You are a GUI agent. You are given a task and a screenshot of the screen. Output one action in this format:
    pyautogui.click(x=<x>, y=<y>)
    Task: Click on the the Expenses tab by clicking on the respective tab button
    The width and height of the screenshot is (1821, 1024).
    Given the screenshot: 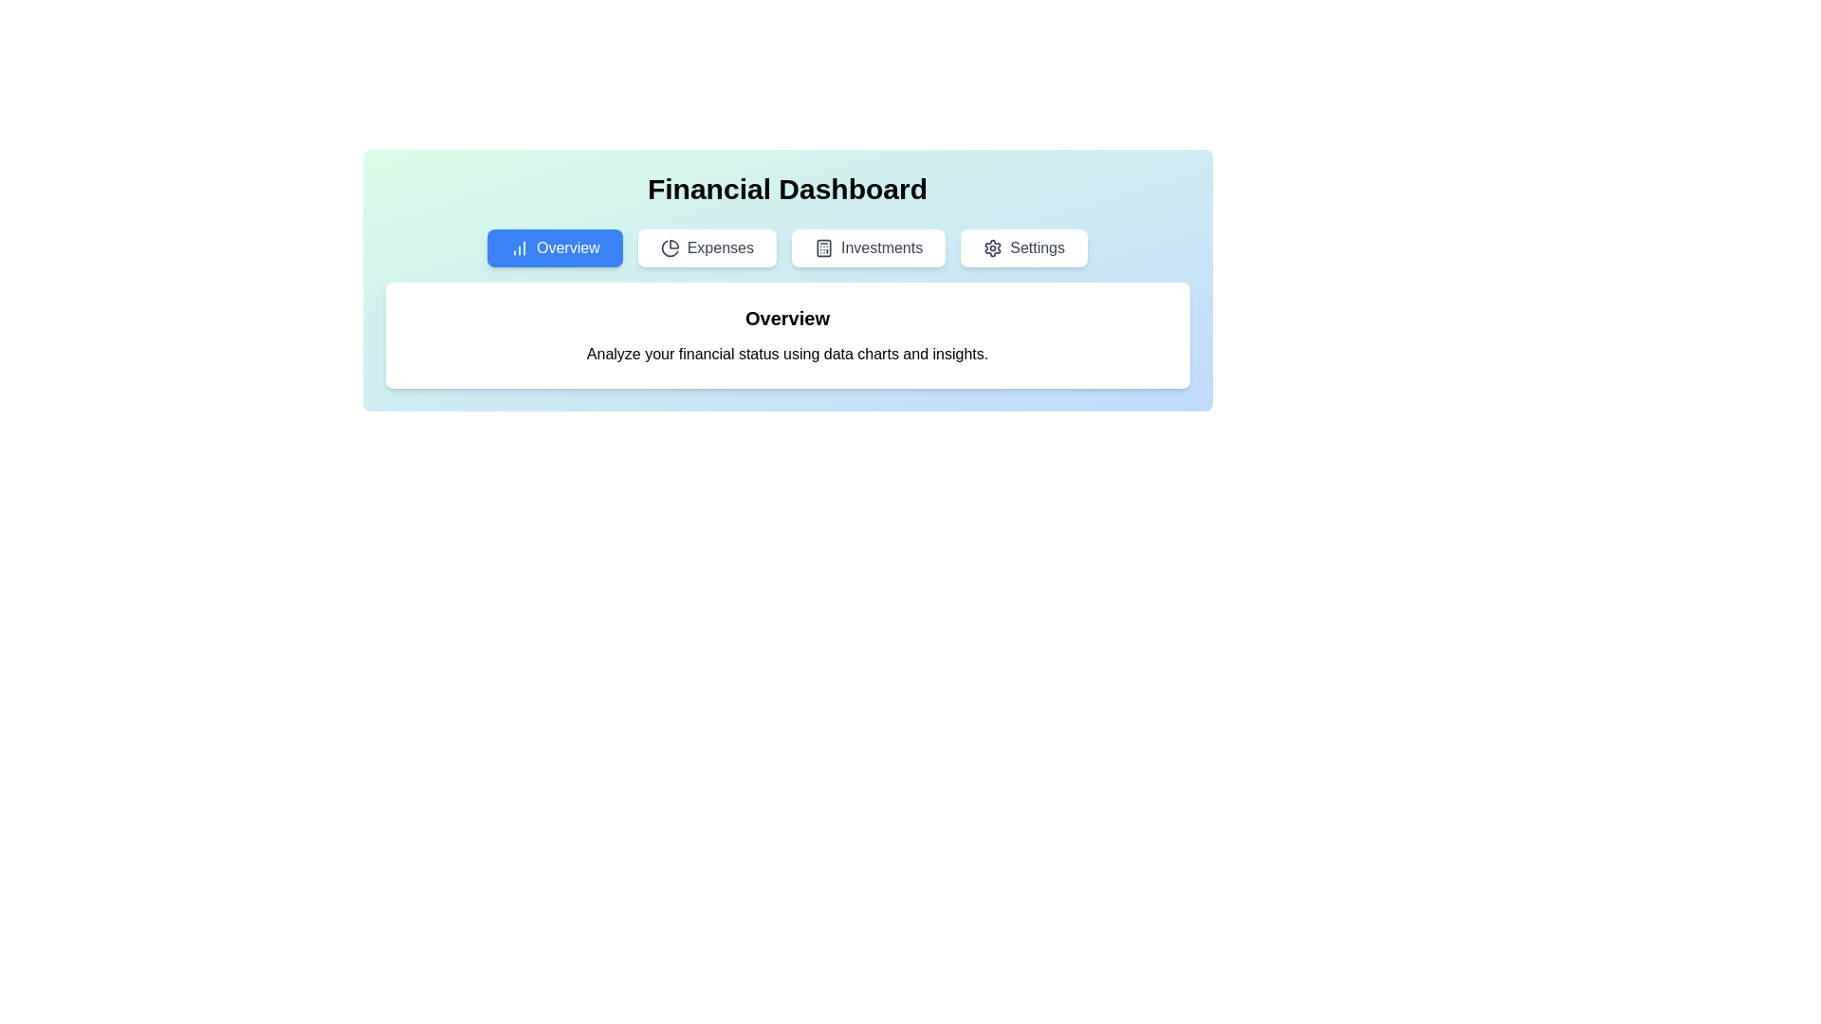 What is the action you would take?
    pyautogui.click(x=706, y=247)
    